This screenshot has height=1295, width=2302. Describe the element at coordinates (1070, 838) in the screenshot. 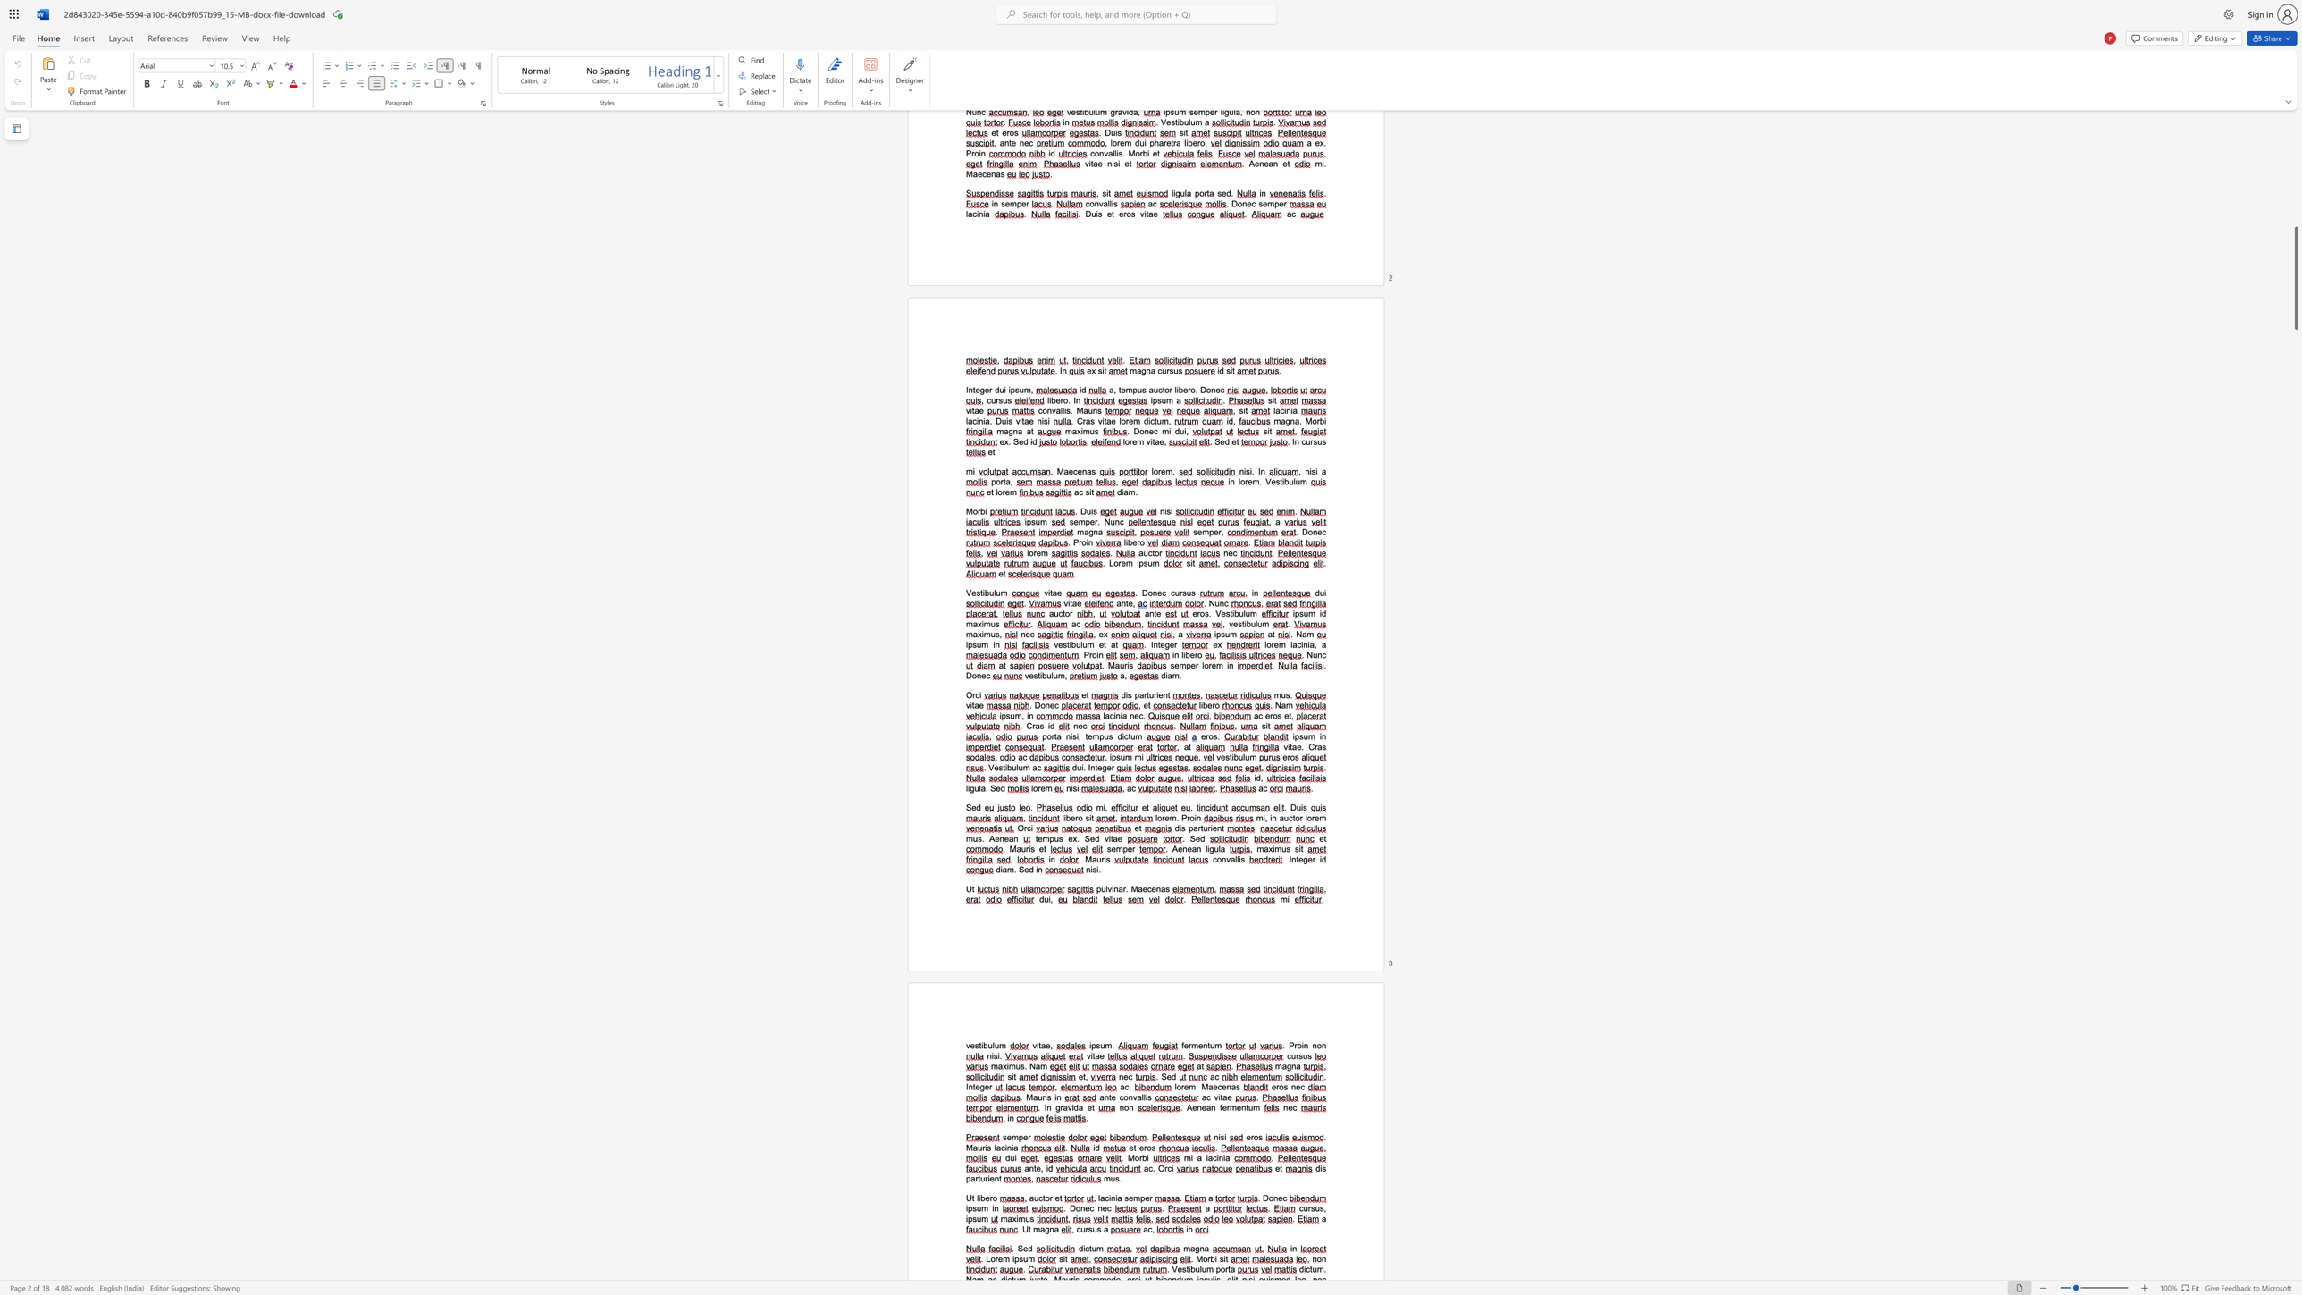

I see `the 2th character "e" in the text` at that location.